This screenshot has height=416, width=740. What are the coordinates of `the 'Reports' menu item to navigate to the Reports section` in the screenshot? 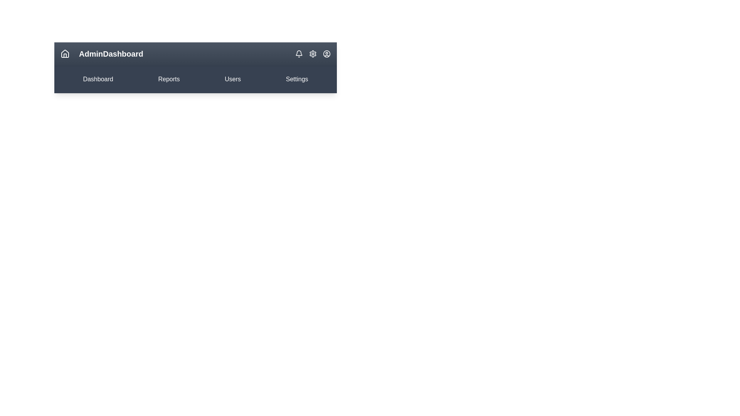 It's located at (168, 79).